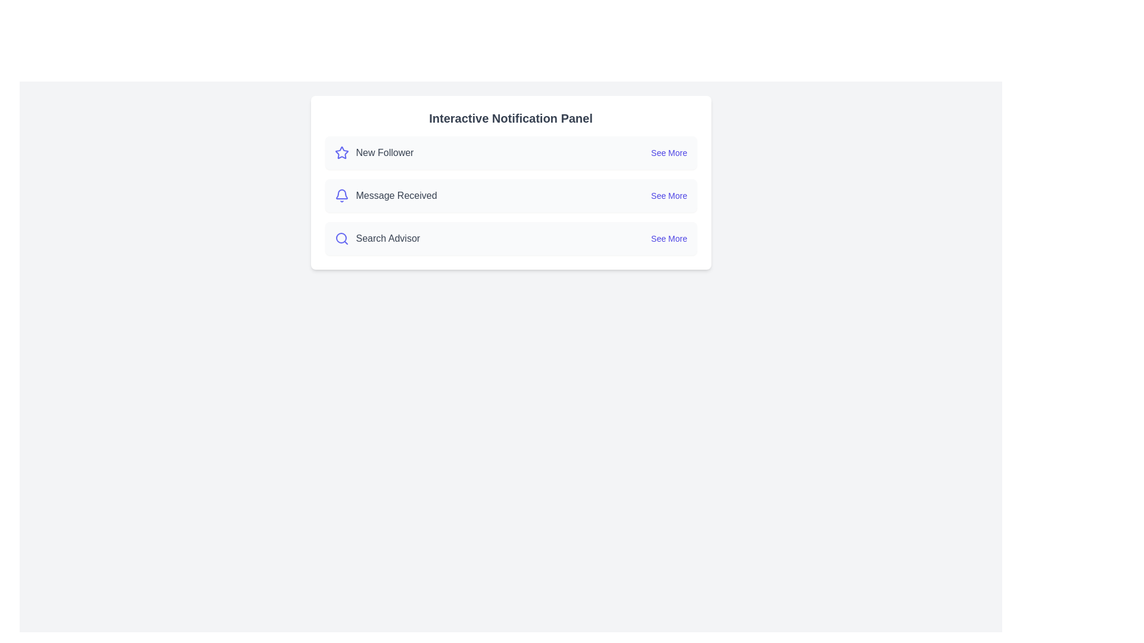  What do you see at coordinates (341, 152) in the screenshot?
I see `the five-pointed star icon with hollow outlines, colored in vibrant indigo, located in the first notification entry of the notification panel, to the left of the 'New Follower' text label` at bounding box center [341, 152].